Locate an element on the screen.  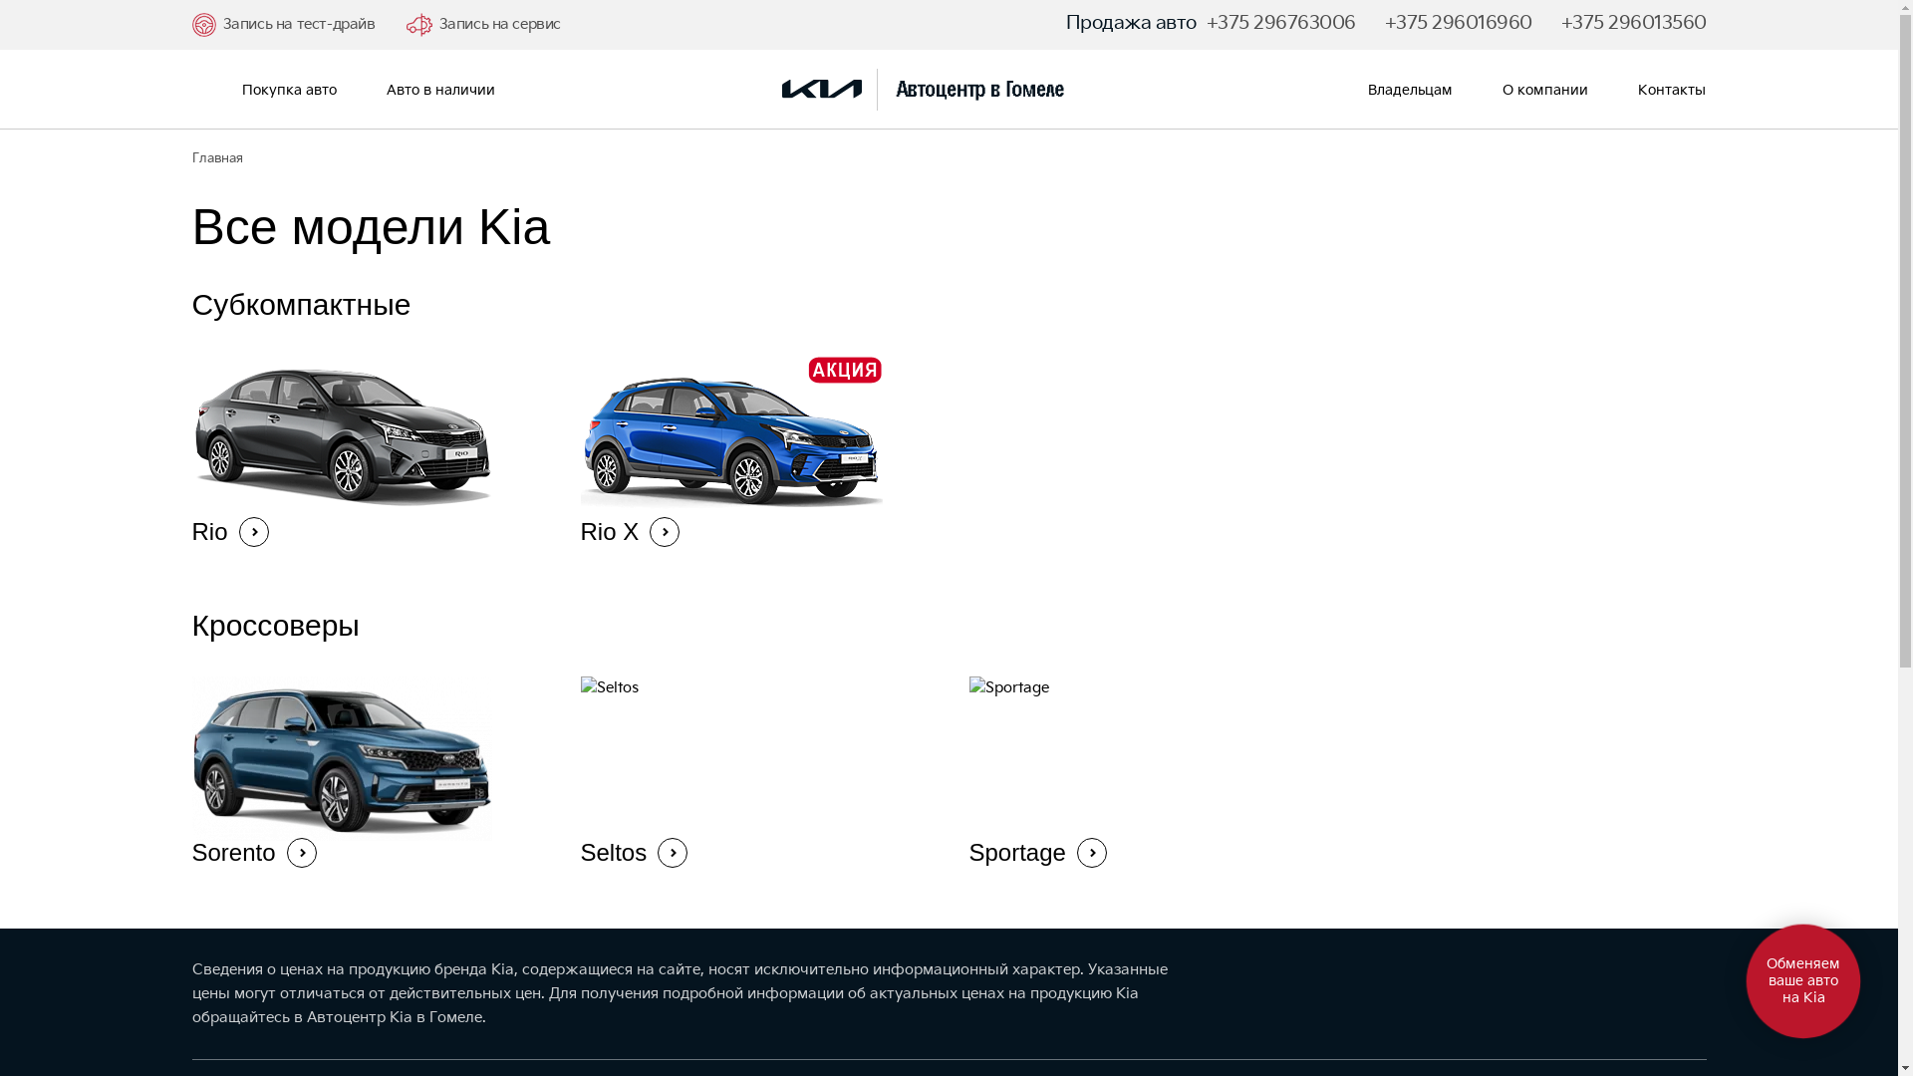
'Rio' is located at coordinates (365, 453).